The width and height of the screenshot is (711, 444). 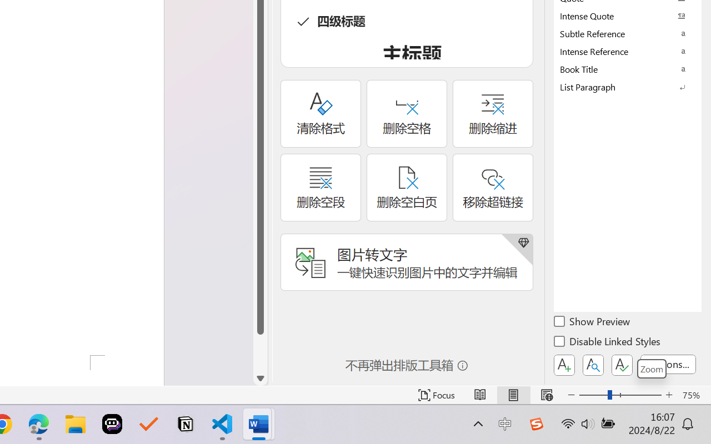 What do you see at coordinates (628, 68) in the screenshot?
I see `'Book Title'` at bounding box center [628, 68].